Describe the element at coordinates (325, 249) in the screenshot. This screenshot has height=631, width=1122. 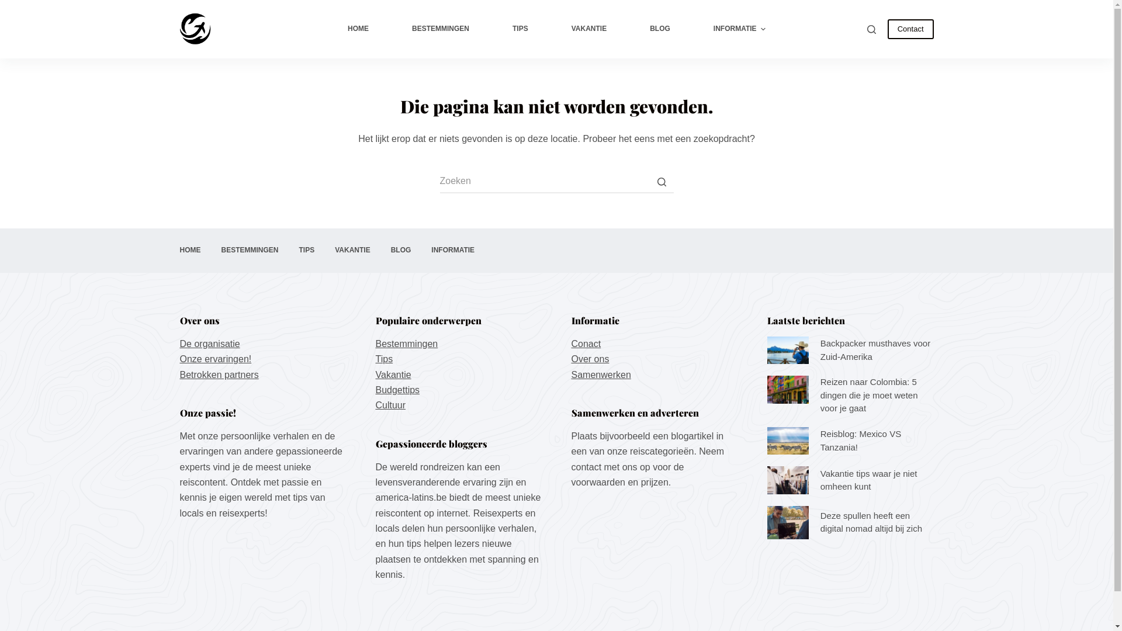
I see `'VAKANTIE'` at that location.